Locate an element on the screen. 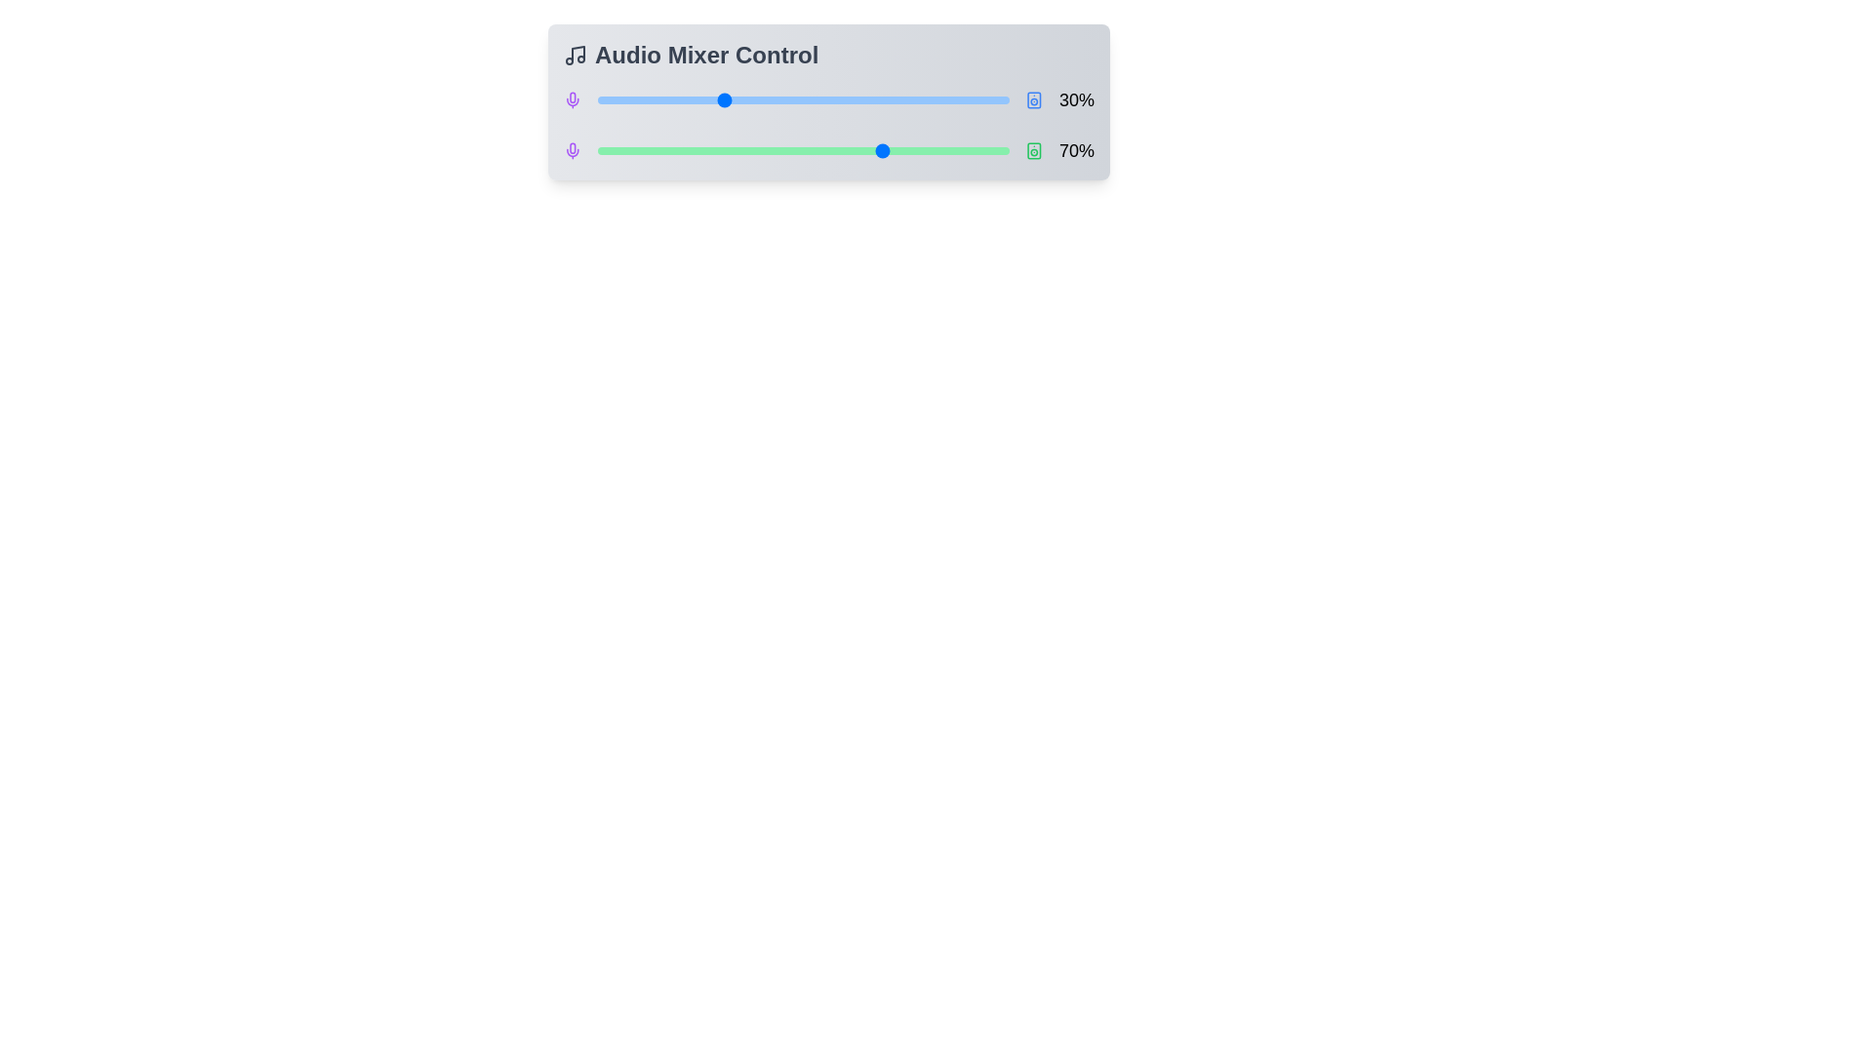 This screenshot has width=1873, height=1053. the text label displaying '70%' which is positioned at the bottom-right of the audio control interface, next to the green audio slider is located at coordinates (1076, 149).